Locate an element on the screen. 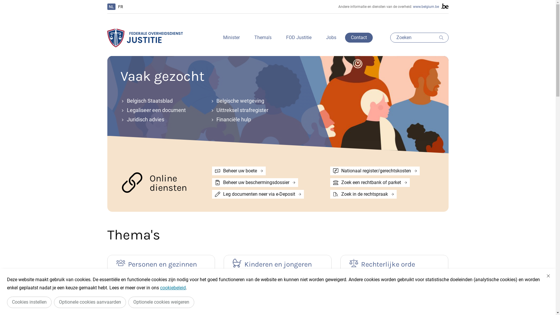 This screenshot has width=560, height=315. 'Personen en gezinnen' is located at coordinates (116, 263).